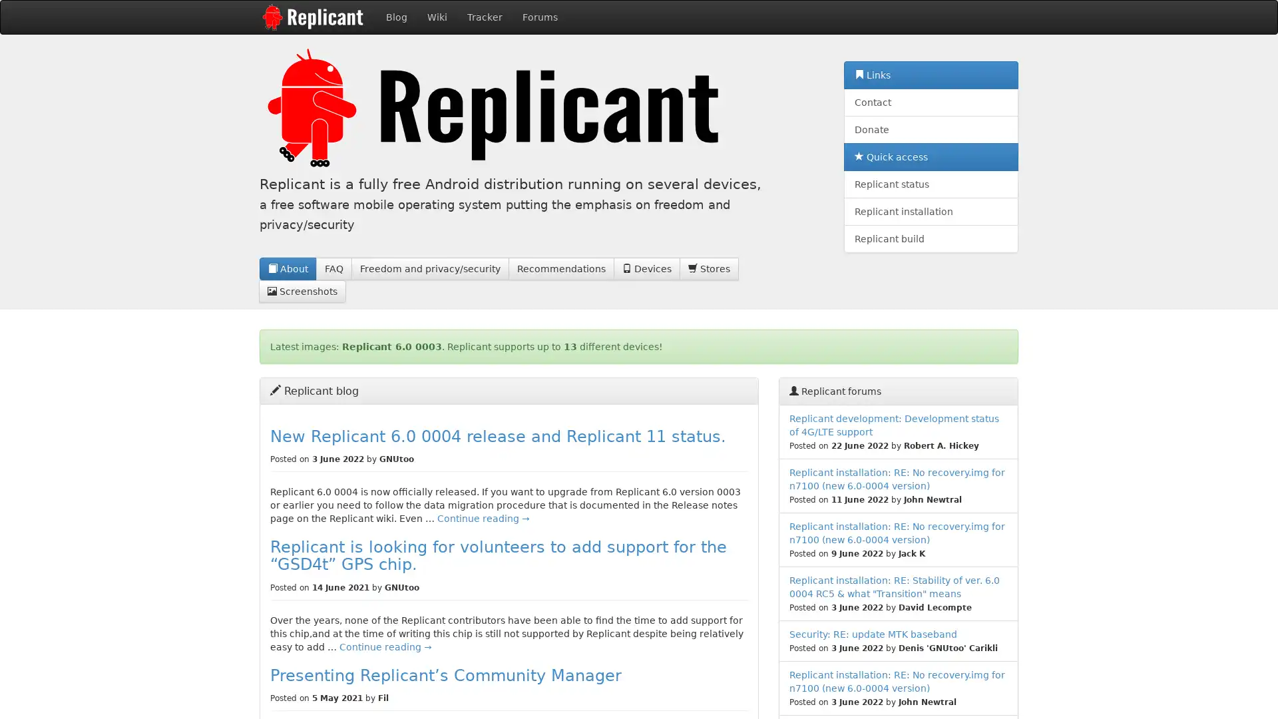  What do you see at coordinates (302, 291) in the screenshot?
I see `Screenshots` at bounding box center [302, 291].